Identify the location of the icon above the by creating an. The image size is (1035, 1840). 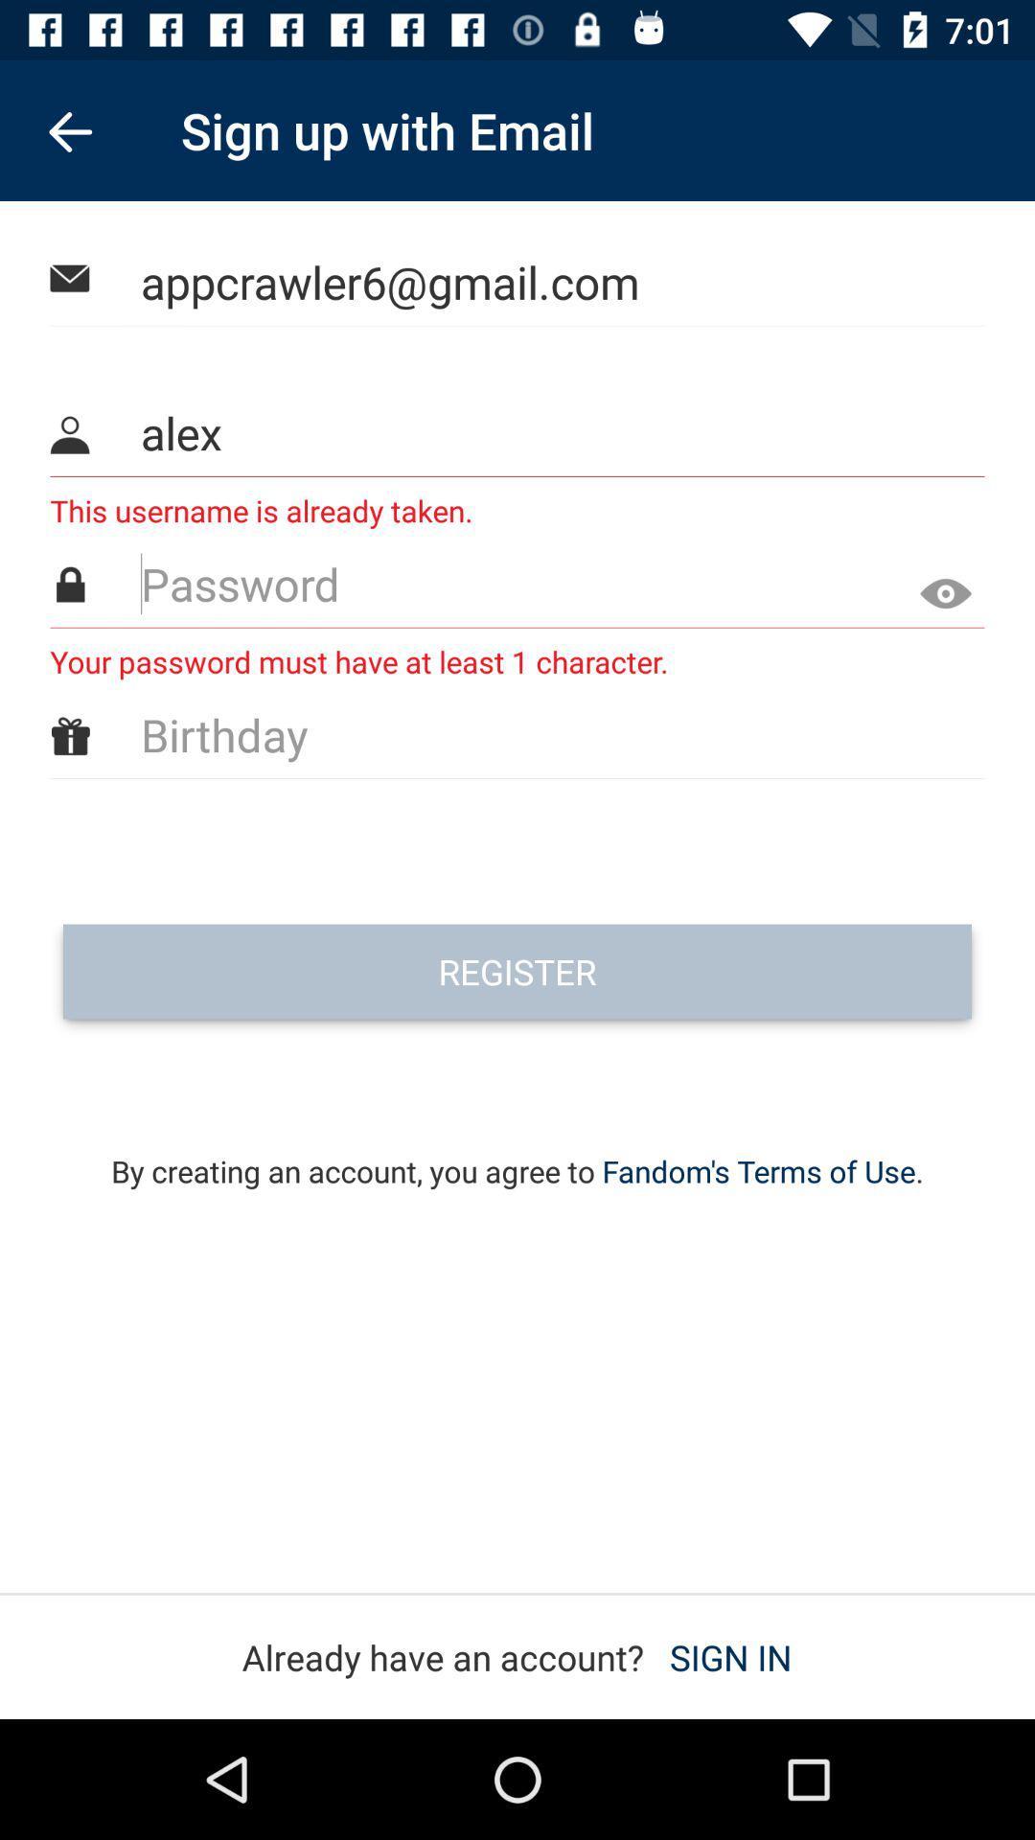
(517, 971).